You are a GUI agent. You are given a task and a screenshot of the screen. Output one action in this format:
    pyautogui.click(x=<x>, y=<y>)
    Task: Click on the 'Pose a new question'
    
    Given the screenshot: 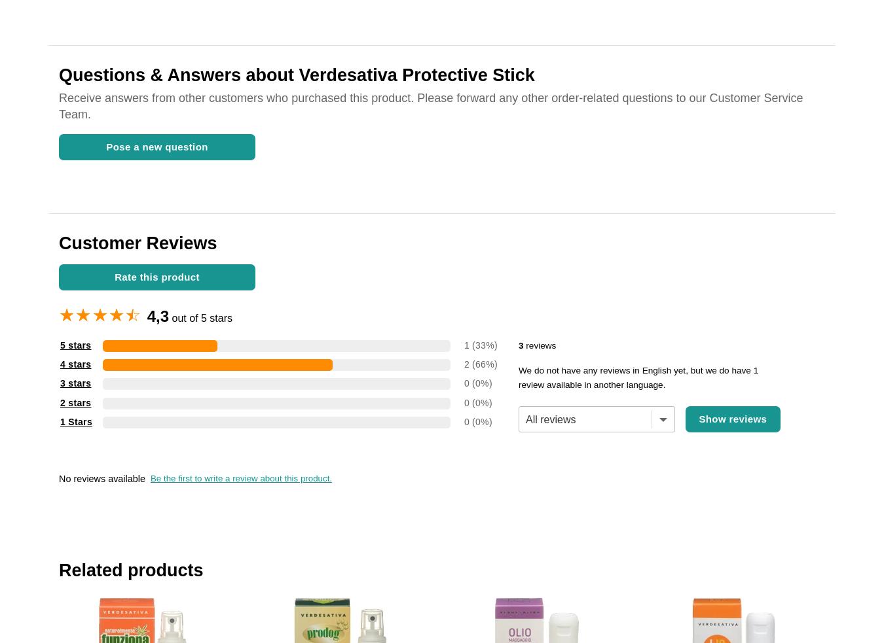 What is the action you would take?
    pyautogui.click(x=156, y=146)
    